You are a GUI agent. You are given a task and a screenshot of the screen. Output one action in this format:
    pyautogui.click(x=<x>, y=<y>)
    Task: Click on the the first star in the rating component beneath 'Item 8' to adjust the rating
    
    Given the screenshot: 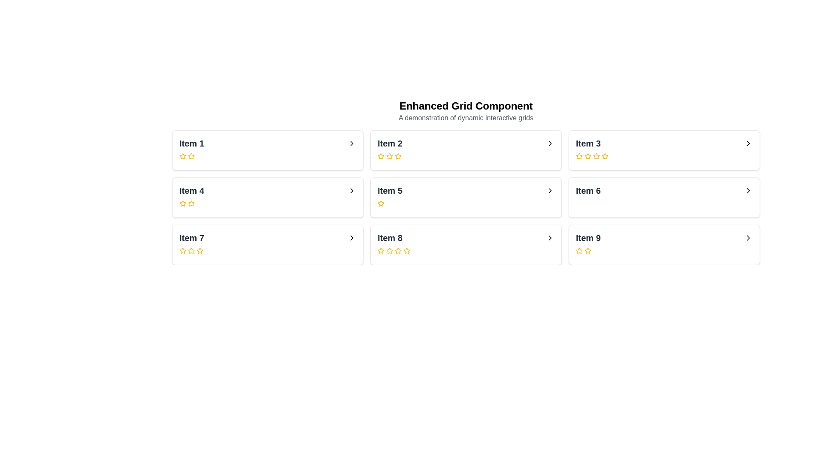 What is the action you would take?
    pyautogui.click(x=381, y=250)
    